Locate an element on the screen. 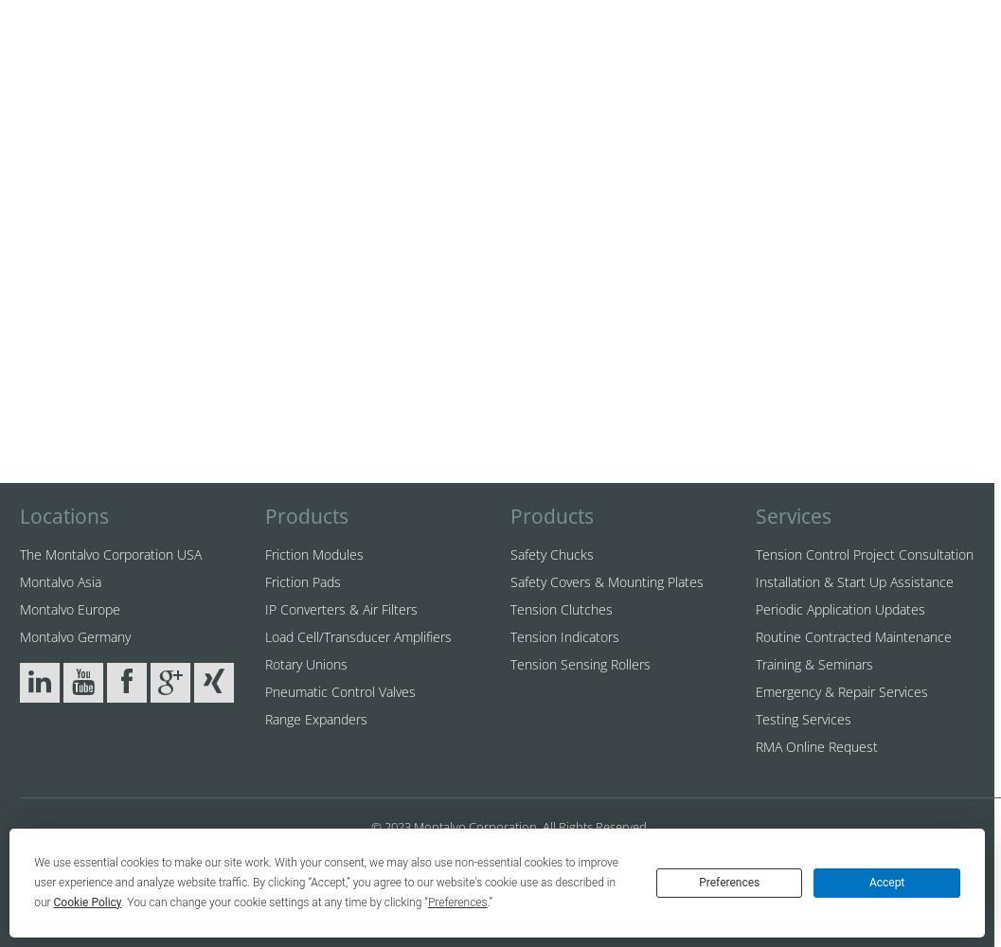  'Montalvo Asia' is located at coordinates (60, 581).